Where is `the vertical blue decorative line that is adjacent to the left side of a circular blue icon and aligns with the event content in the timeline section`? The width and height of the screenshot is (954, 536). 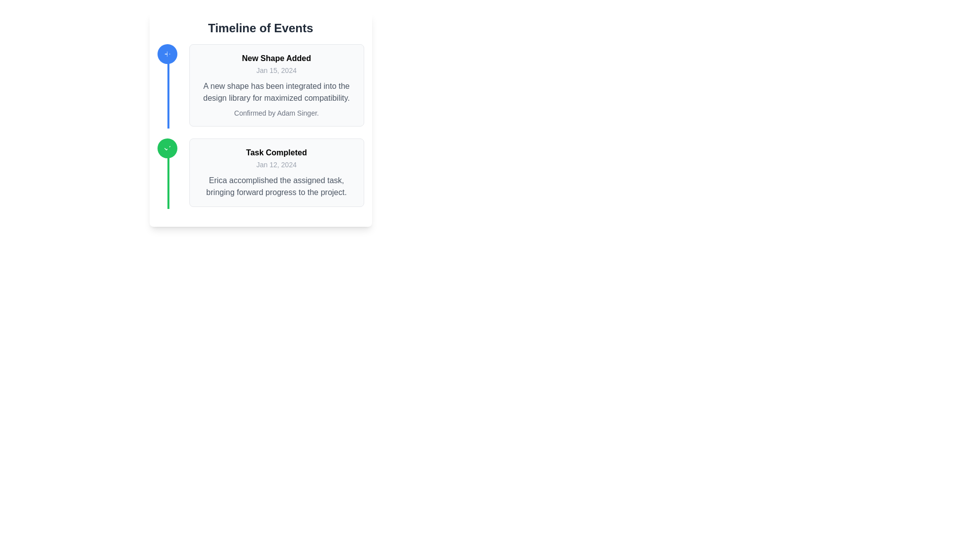
the vertical blue decorative line that is adjacent to the left side of a circular blue icon and aligns with the event content in the timeline section is located at coordinates (168, 87).